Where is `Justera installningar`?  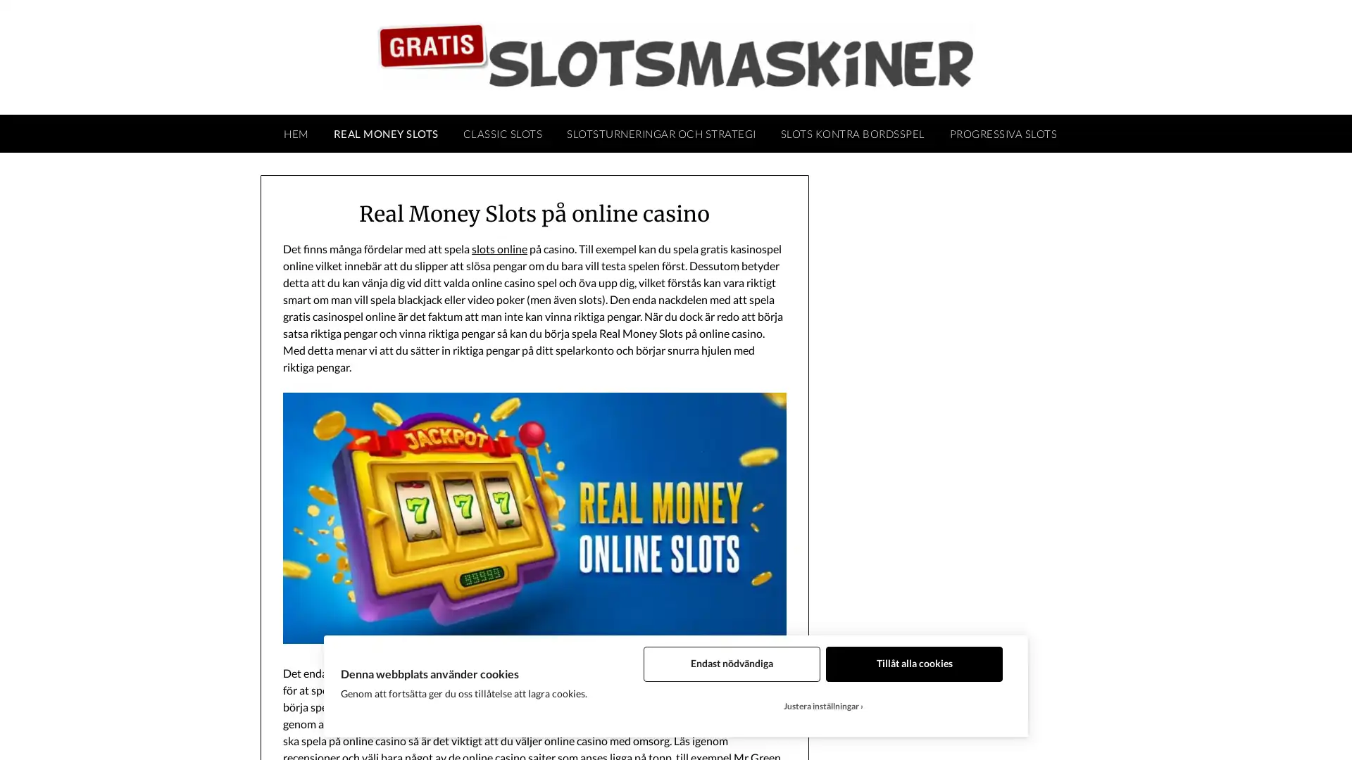
Justera installningar is located at coordinates (823, 706).